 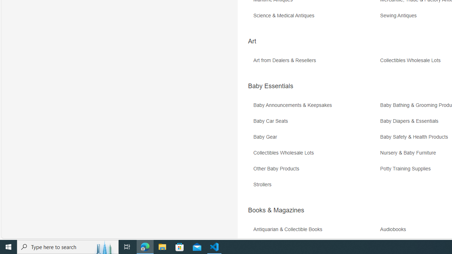 I want to click on 'Baby Diapers & Essentials', so click(x=411, y=121).